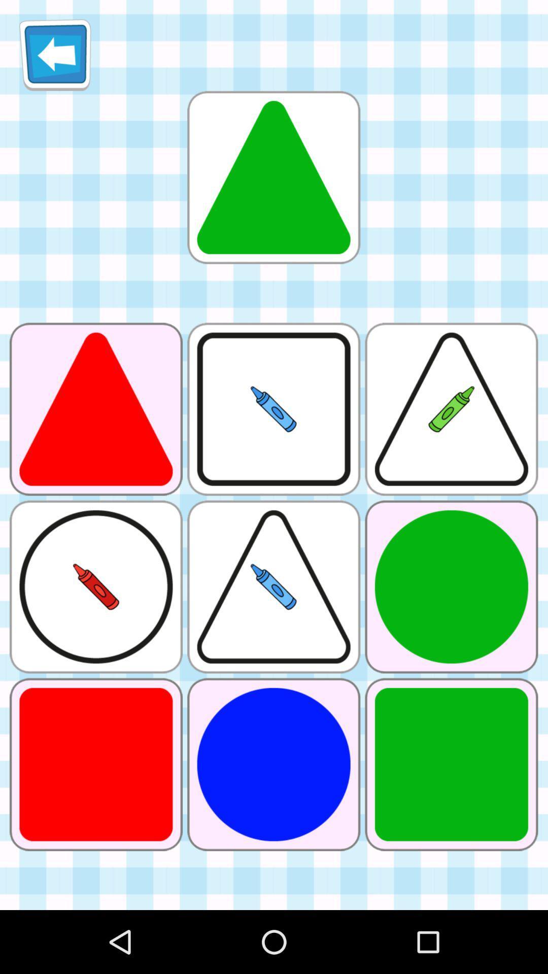 This screenshot has height=974, width=548. Describe the element at coordinates (273, 177) in the screenshot. I see `triangle` at that location.